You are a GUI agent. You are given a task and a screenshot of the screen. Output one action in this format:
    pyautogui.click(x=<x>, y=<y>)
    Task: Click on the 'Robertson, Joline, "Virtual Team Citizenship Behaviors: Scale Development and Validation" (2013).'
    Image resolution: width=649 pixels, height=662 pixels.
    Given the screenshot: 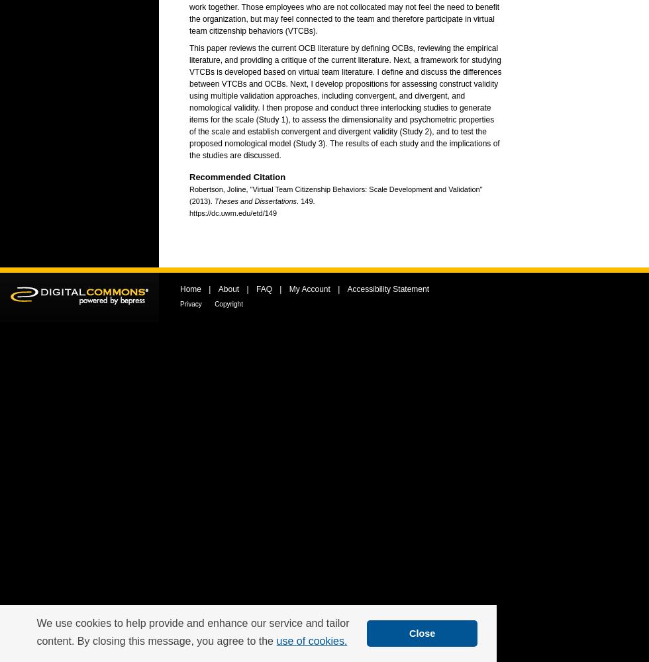 What is the action you would take?
    pyautogui.click(x=189, y=195)
    